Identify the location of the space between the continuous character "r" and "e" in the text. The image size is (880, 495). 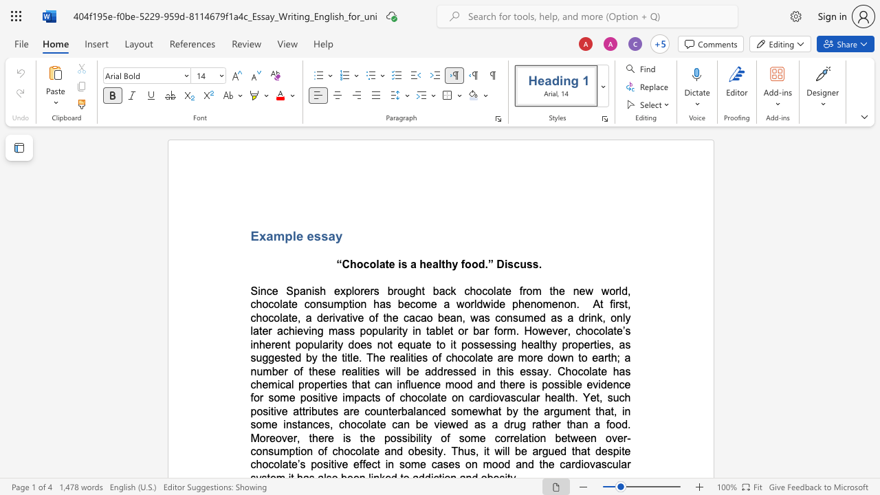
(275, 344).